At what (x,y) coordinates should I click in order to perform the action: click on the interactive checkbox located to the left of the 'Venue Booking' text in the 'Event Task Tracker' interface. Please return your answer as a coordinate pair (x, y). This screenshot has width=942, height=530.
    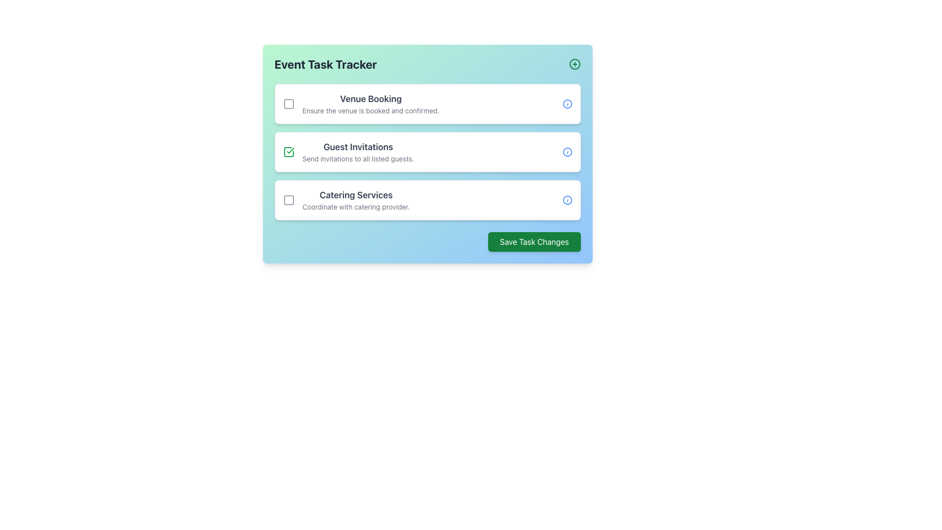
    Looking at the image, I should click on (288, 104).